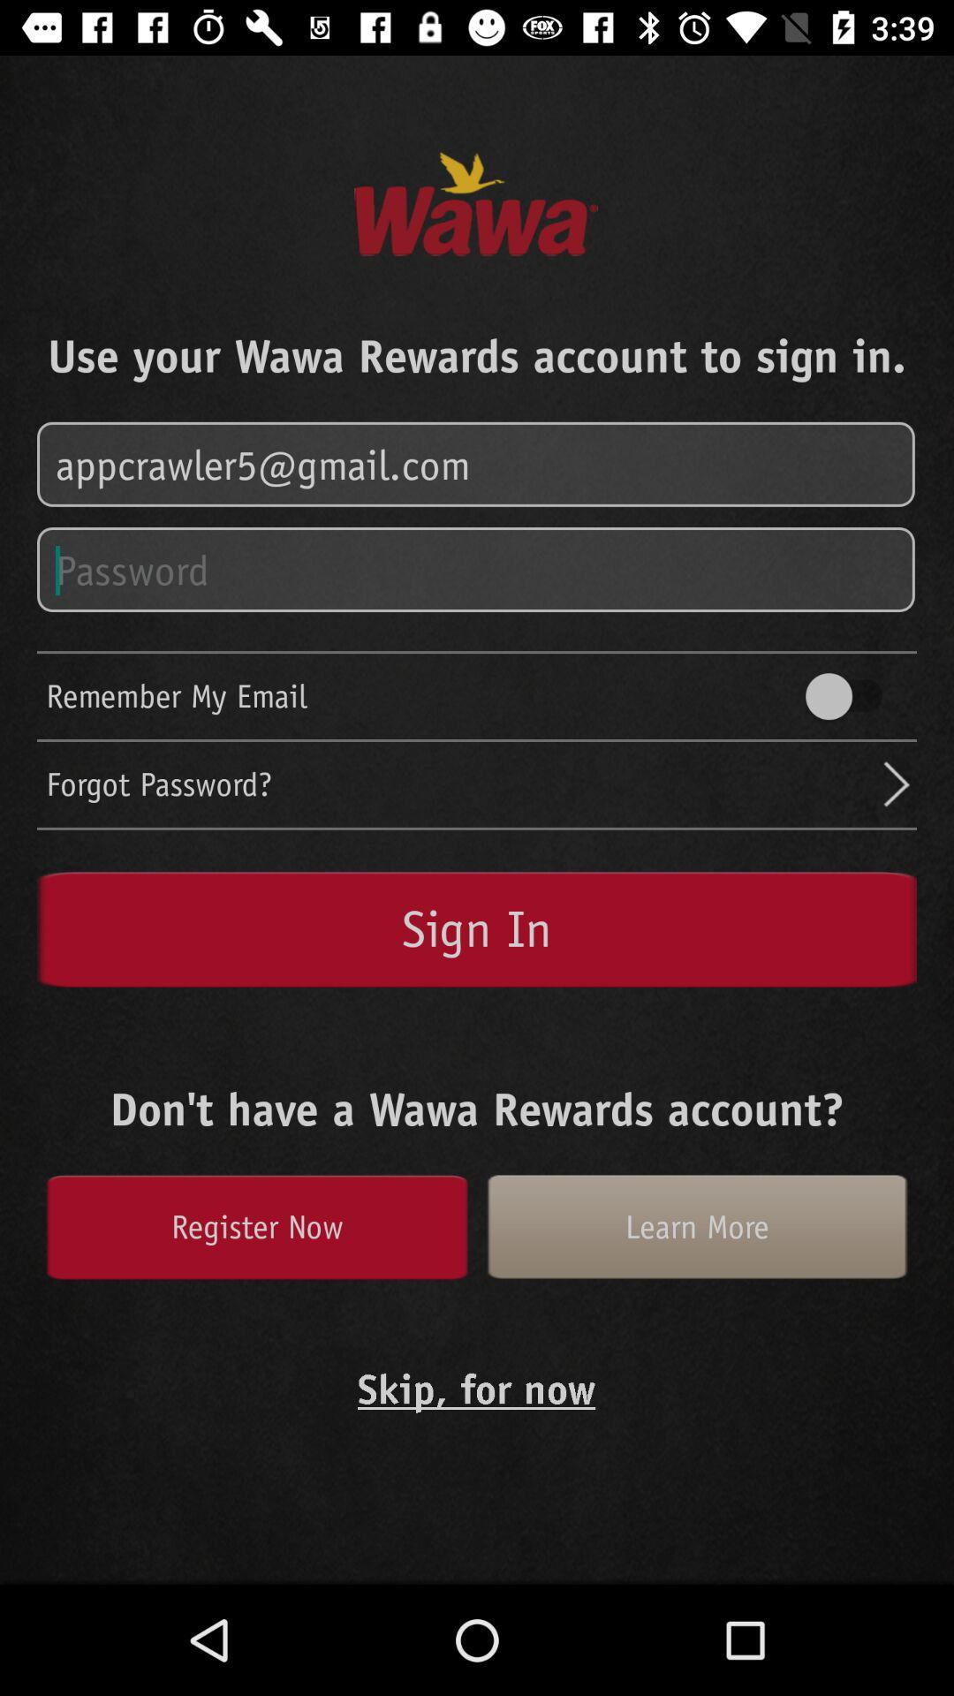 This screenshot has width=954, height=1696. What do you see at coordinates (477, 928) in the screenshot?
I see `sign in button on the page` at bounding box center [477, 928].